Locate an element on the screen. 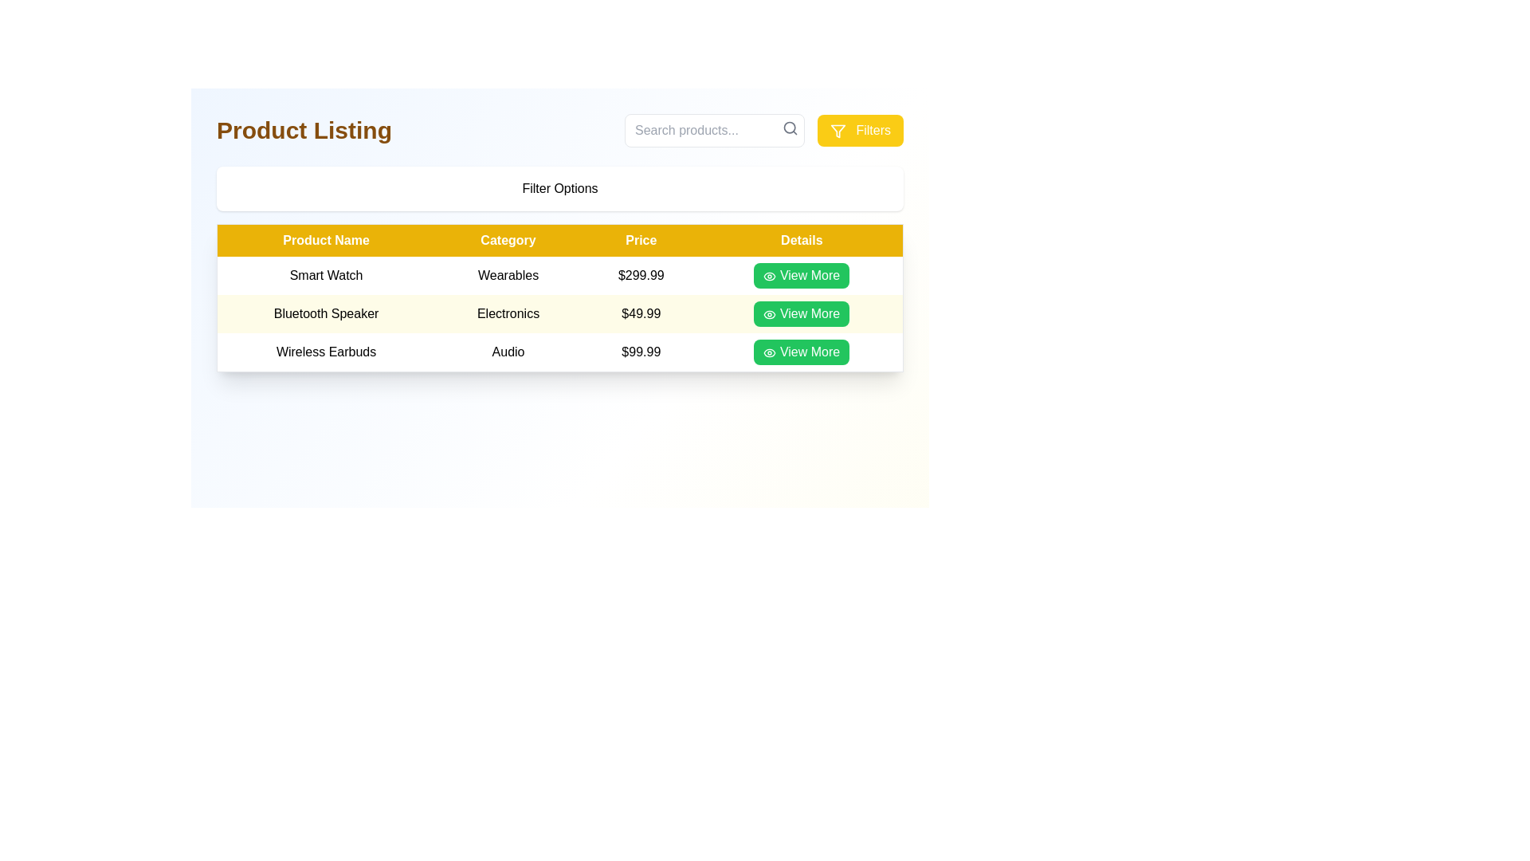  the 'Price' text label, which is a rectangular area with a yellow background and white text, positioned between 'Category' and 'Details' in the table header is located at coordinates (641, 240).